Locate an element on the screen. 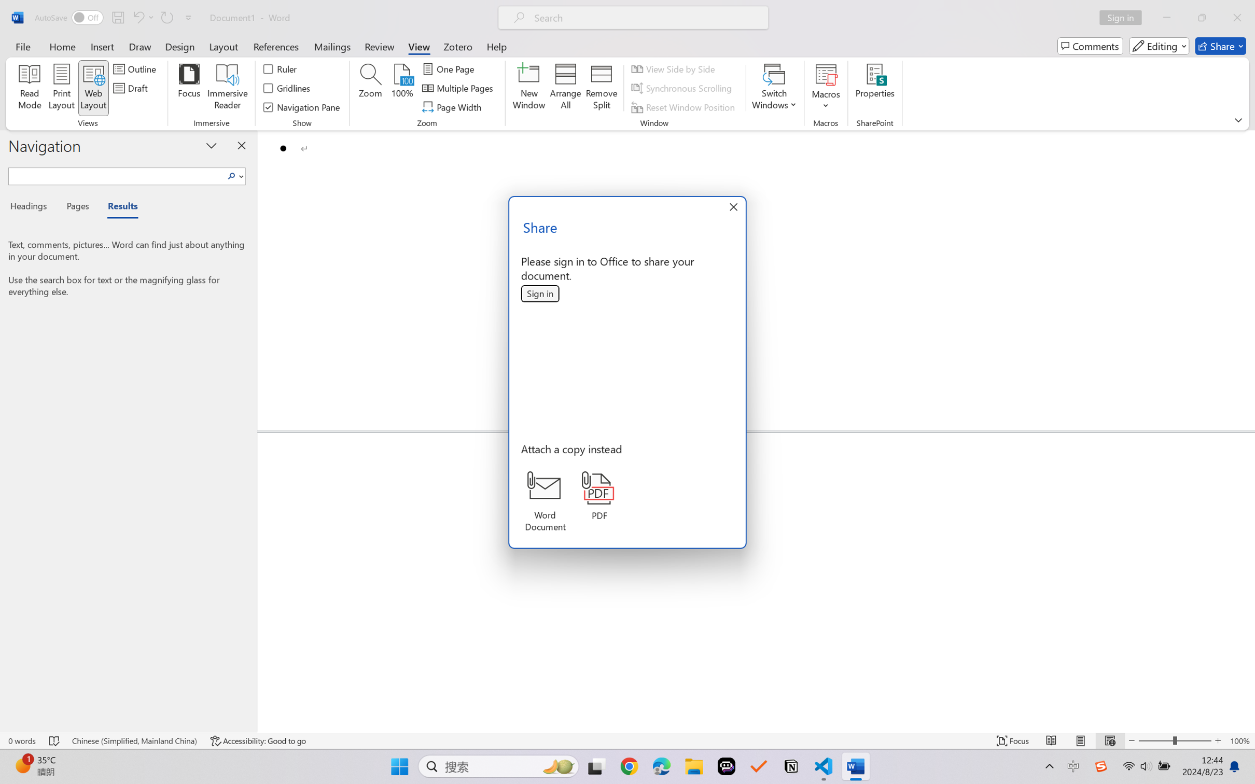  'Page Width' is located at coordinates (453, 107).